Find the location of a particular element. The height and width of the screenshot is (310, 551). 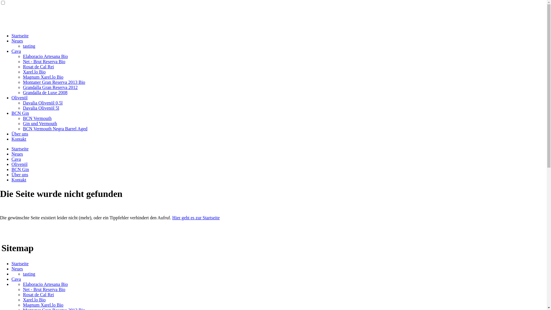

'Startseite' is located at coordinates (11, 36).